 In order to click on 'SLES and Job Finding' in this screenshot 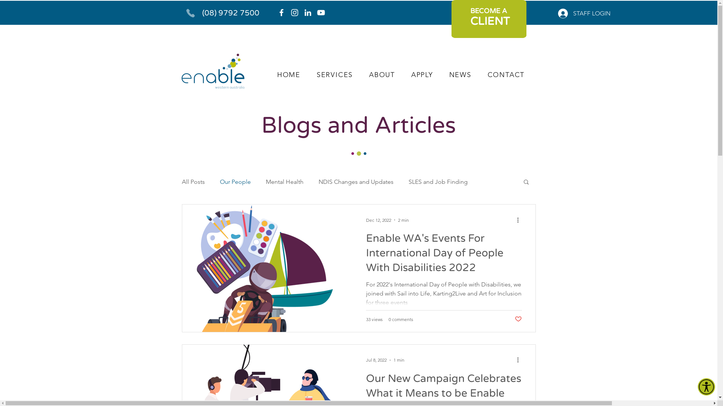, I will do `click(438, 182)`.